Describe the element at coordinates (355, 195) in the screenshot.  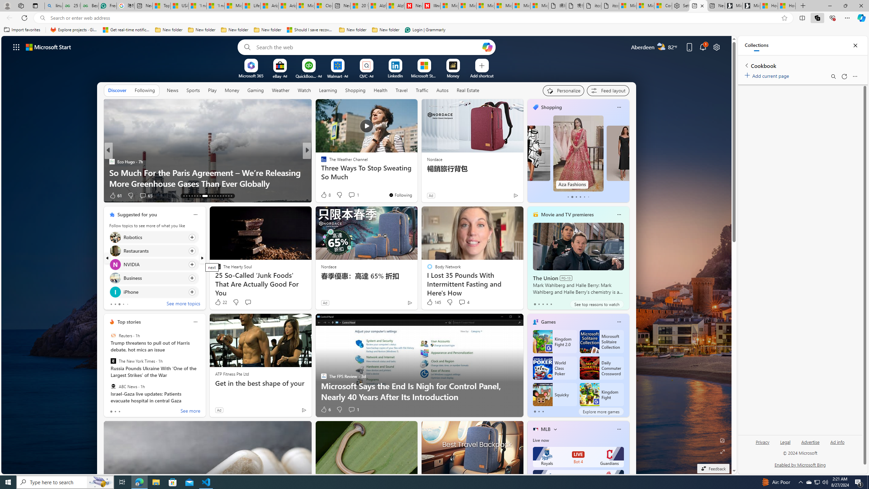
I see `'View comments 3 Comment'` at that location.